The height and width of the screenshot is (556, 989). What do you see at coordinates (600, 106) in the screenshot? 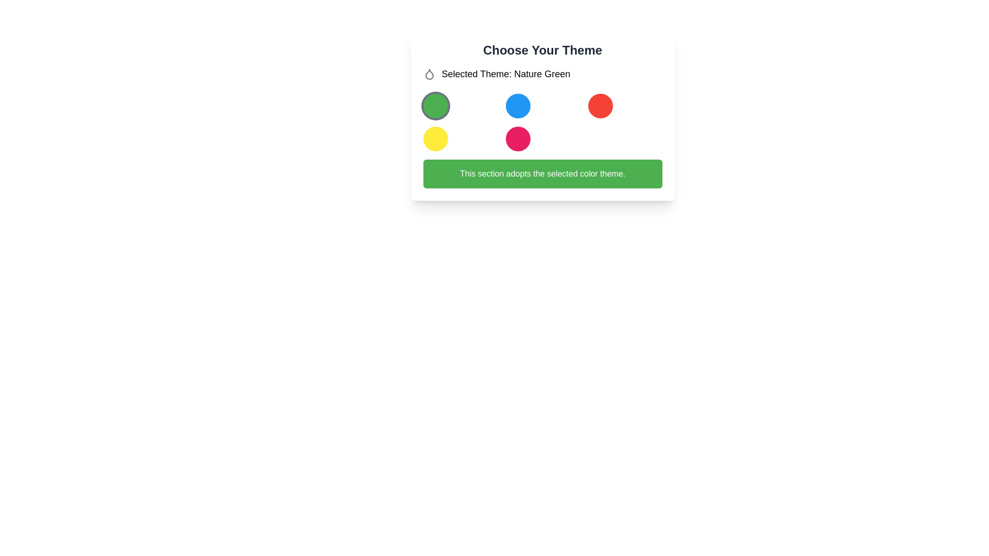
I see `the circular red color option located in the top-right corner of the grid` at bounding box center [600, 106].